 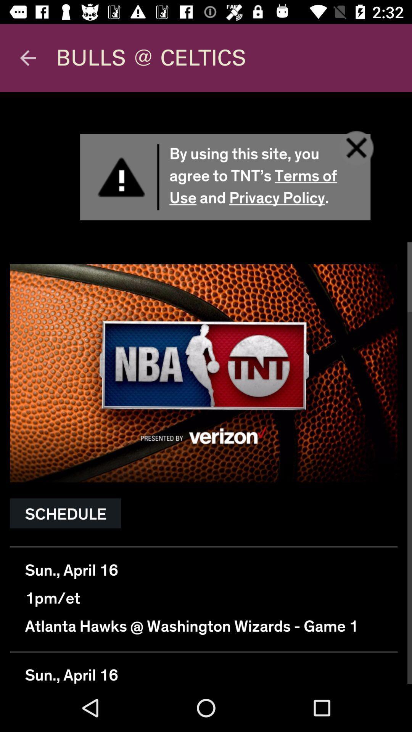 I want to click on color print page, so click(x=206, y=388).